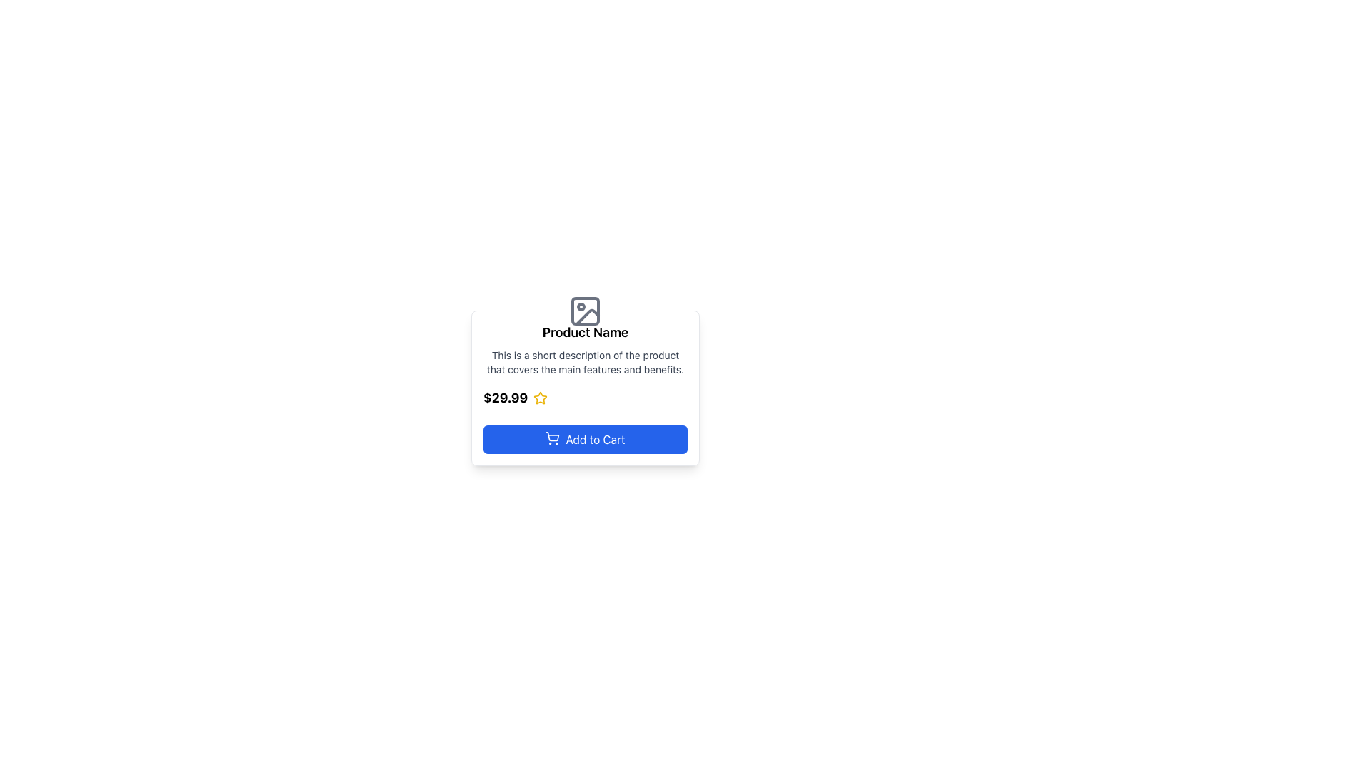  I want to click on the icon representing the product image located above the 'Product Name' text in the product information card, so click(586, 310).